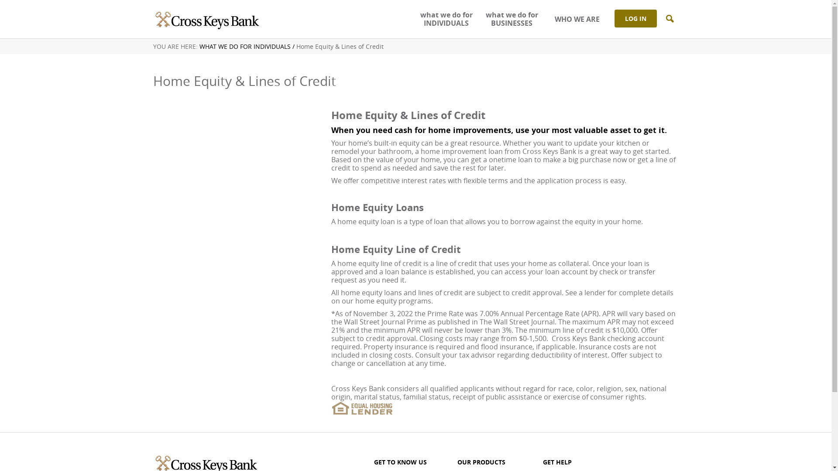 This screenshot has width=838, height=471. I want to click on 'Search icon mobile', so click(669, 19).